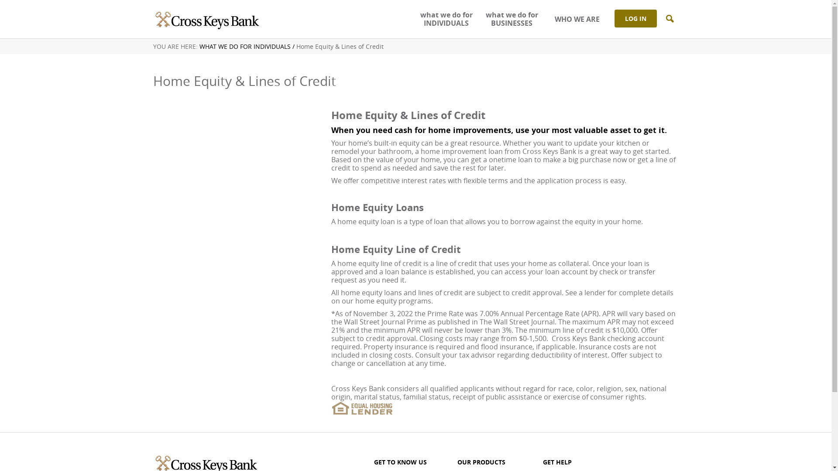 This screenshot has width=838, height=471. I want to click on 'Search icon mobile', so click(669, 19).